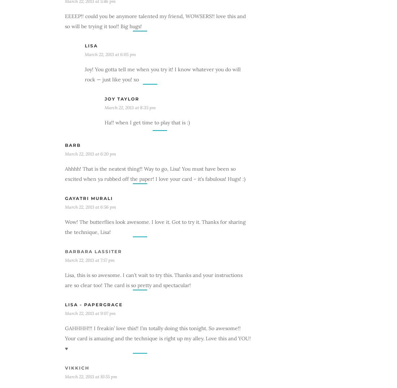  Describe the element at coordinates (93, 251) in the screenshot. I see `'barbara lassiter'` at that location.